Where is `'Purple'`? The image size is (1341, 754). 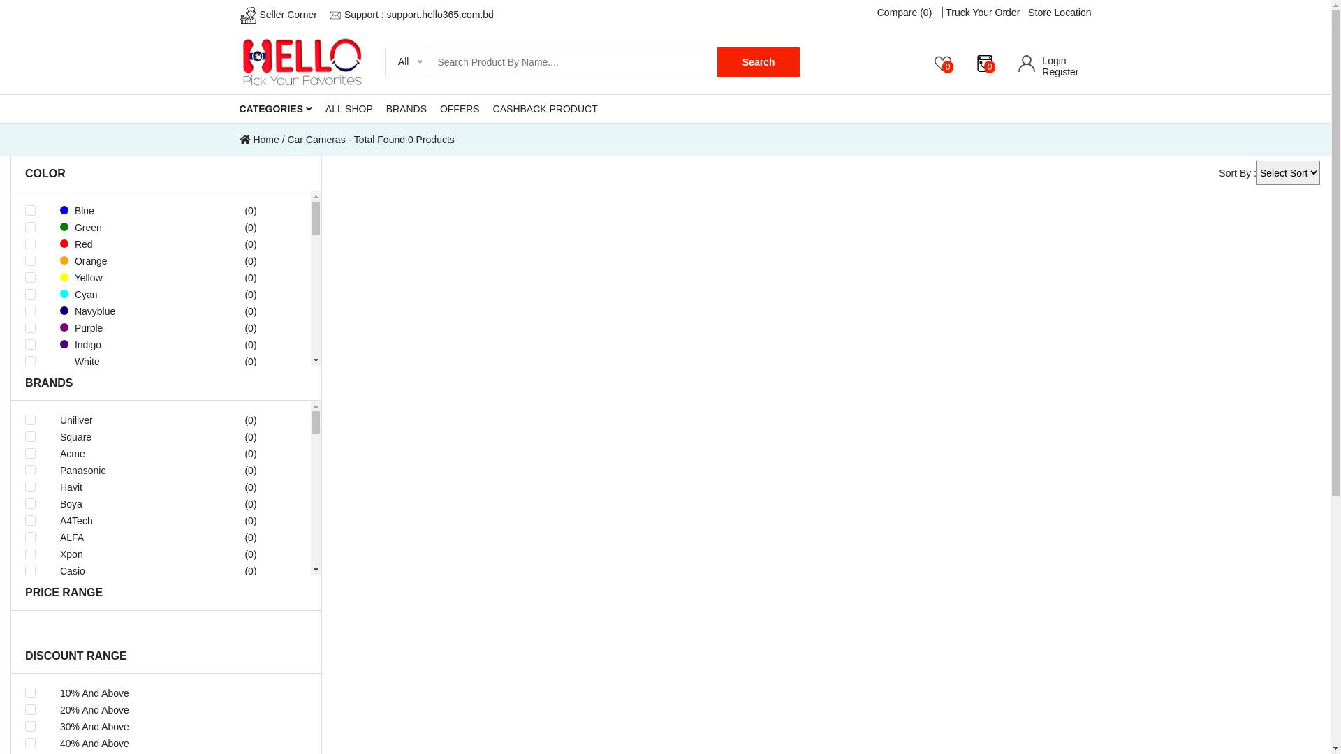 'Purple' is located at coordinates (124, 328).